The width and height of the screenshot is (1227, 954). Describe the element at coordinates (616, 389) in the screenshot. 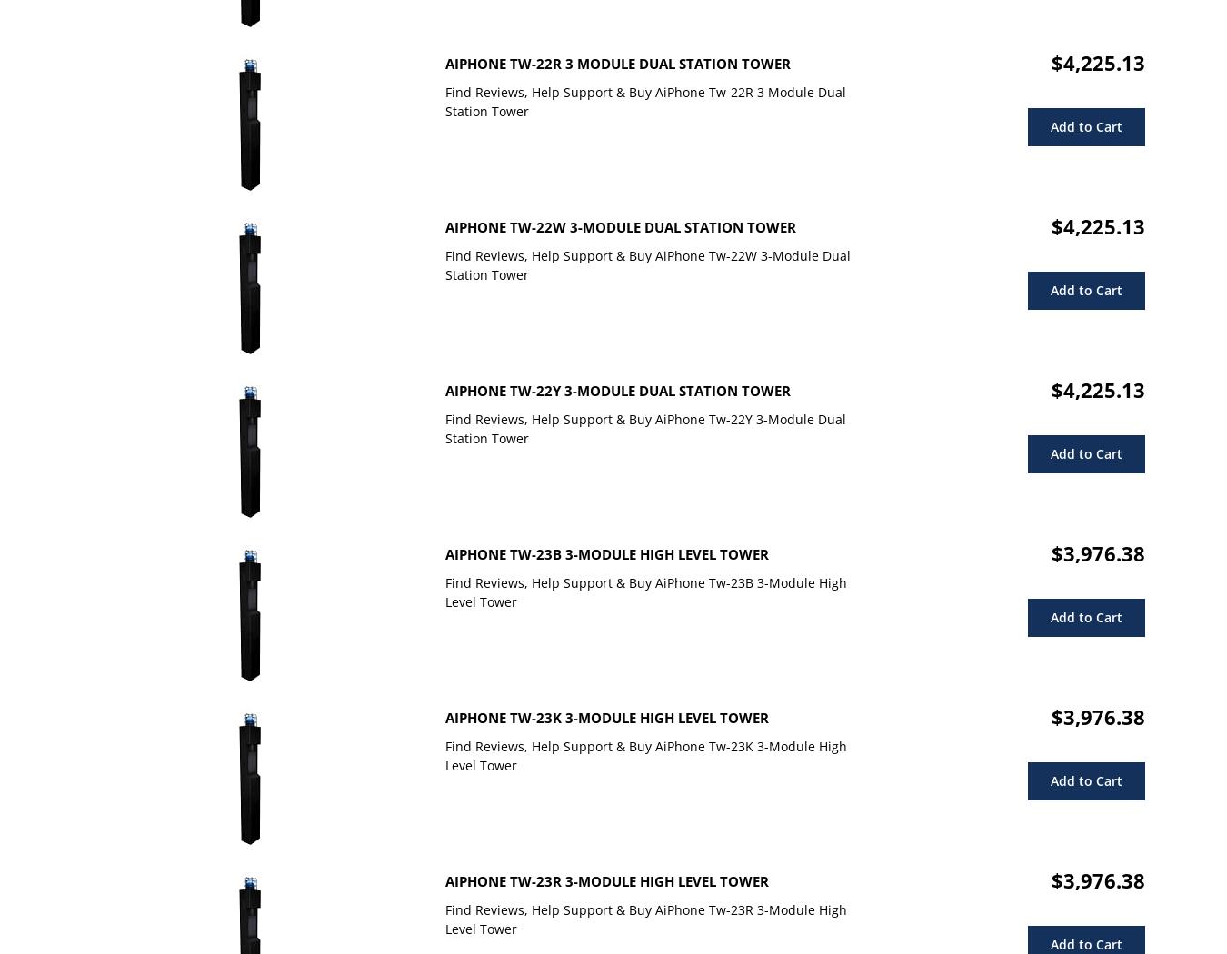

I see `'AiPhone Tw-22Y 3-Module Dual Station Tower'` at that location.